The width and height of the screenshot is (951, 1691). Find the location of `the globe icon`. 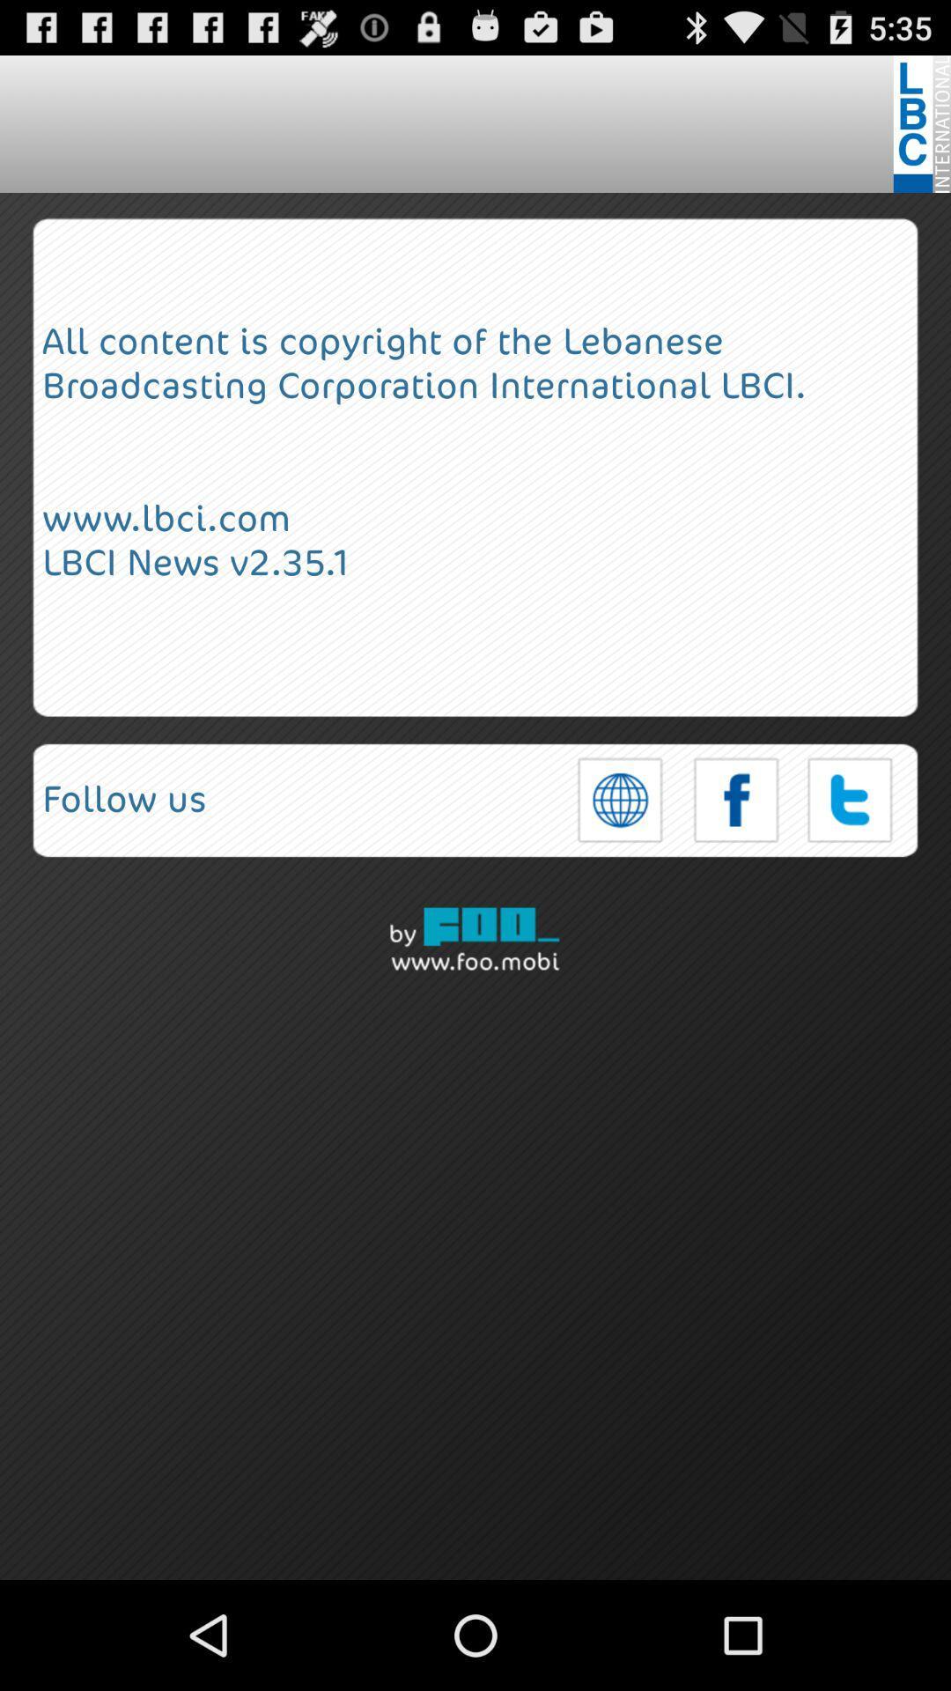

the globe icon is located at coordinates (620, 856).